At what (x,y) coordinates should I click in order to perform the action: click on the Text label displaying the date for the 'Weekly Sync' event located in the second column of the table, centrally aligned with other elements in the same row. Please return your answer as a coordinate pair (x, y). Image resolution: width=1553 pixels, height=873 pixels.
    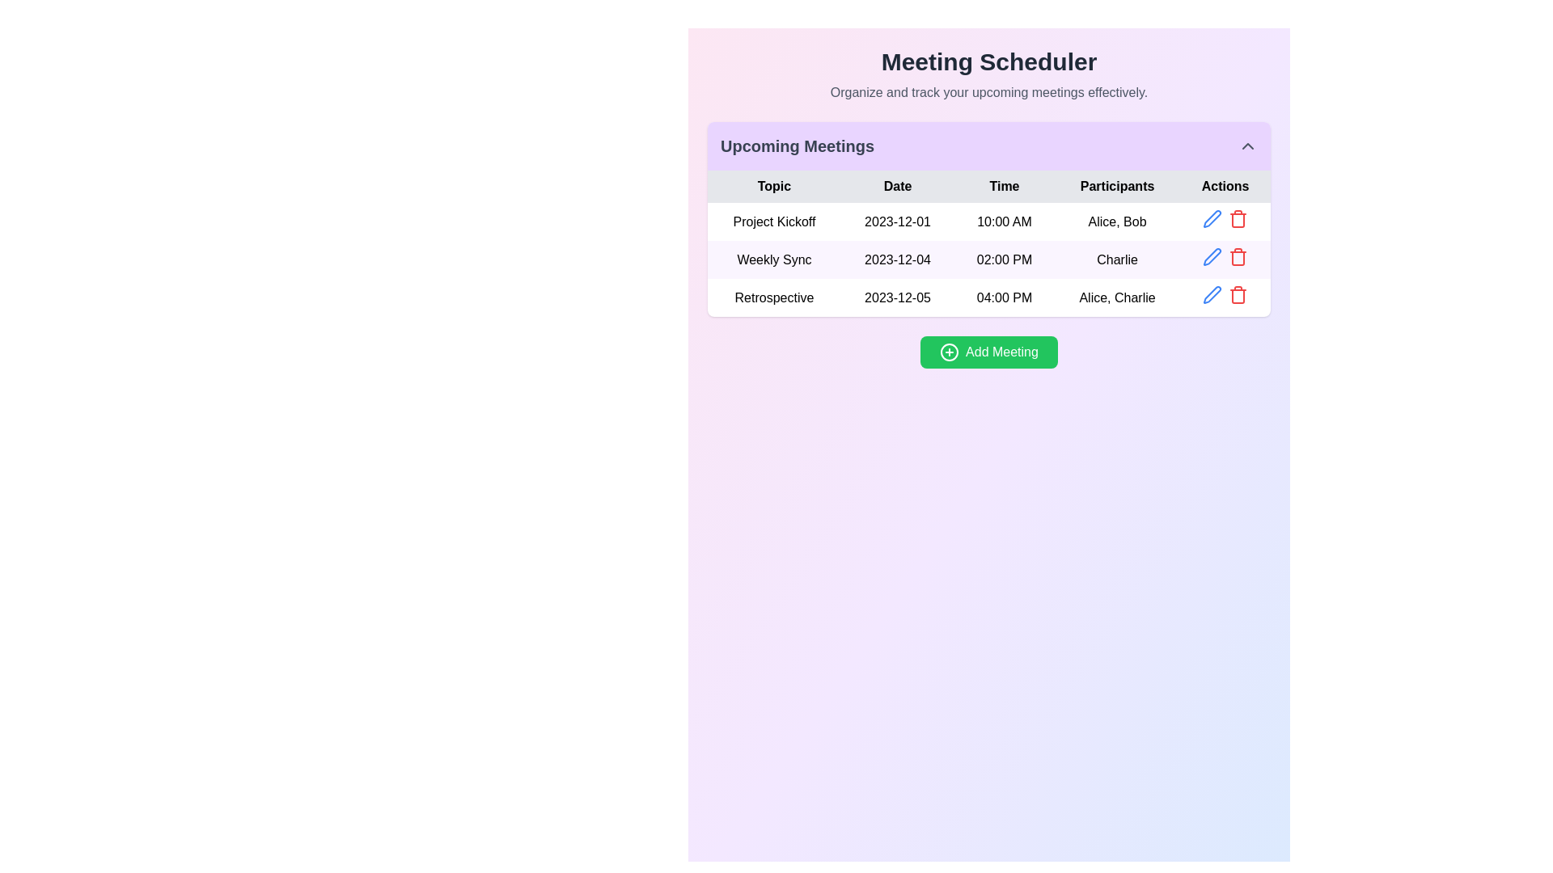
    Looking at the image, I should click on (896, 259).